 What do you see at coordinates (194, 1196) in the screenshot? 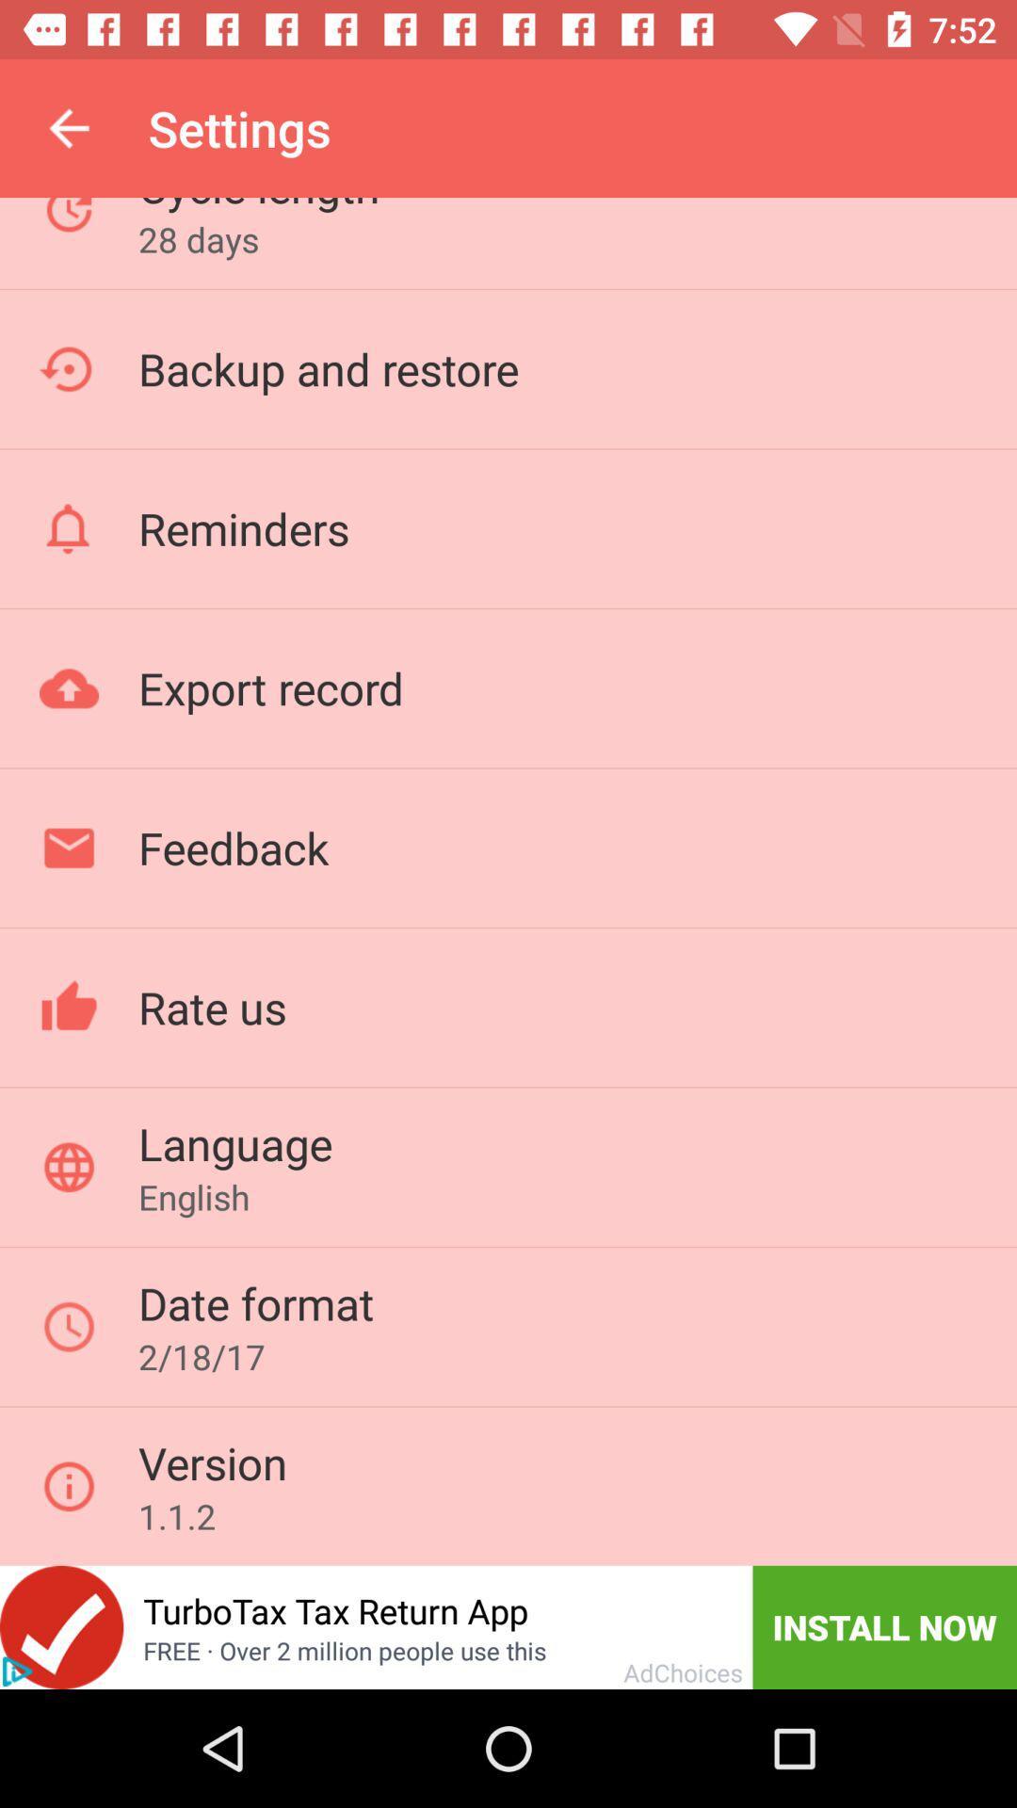
I see `english icon` at bounding box center [194, 1196].